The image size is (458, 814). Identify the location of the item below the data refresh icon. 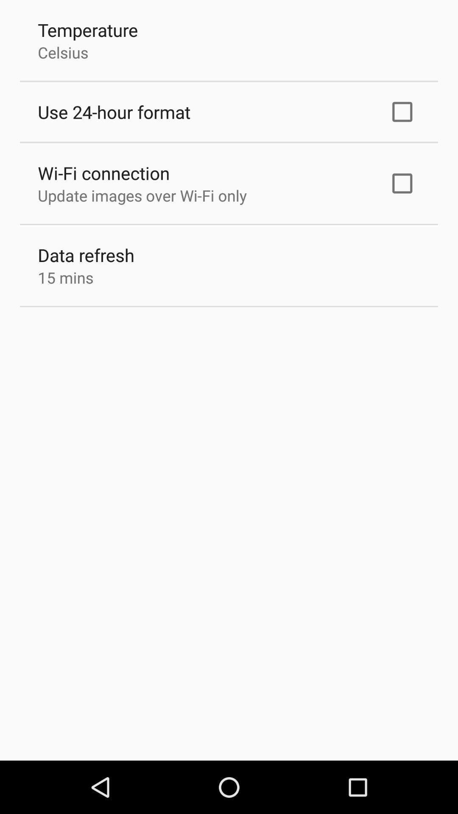
(65, 277).